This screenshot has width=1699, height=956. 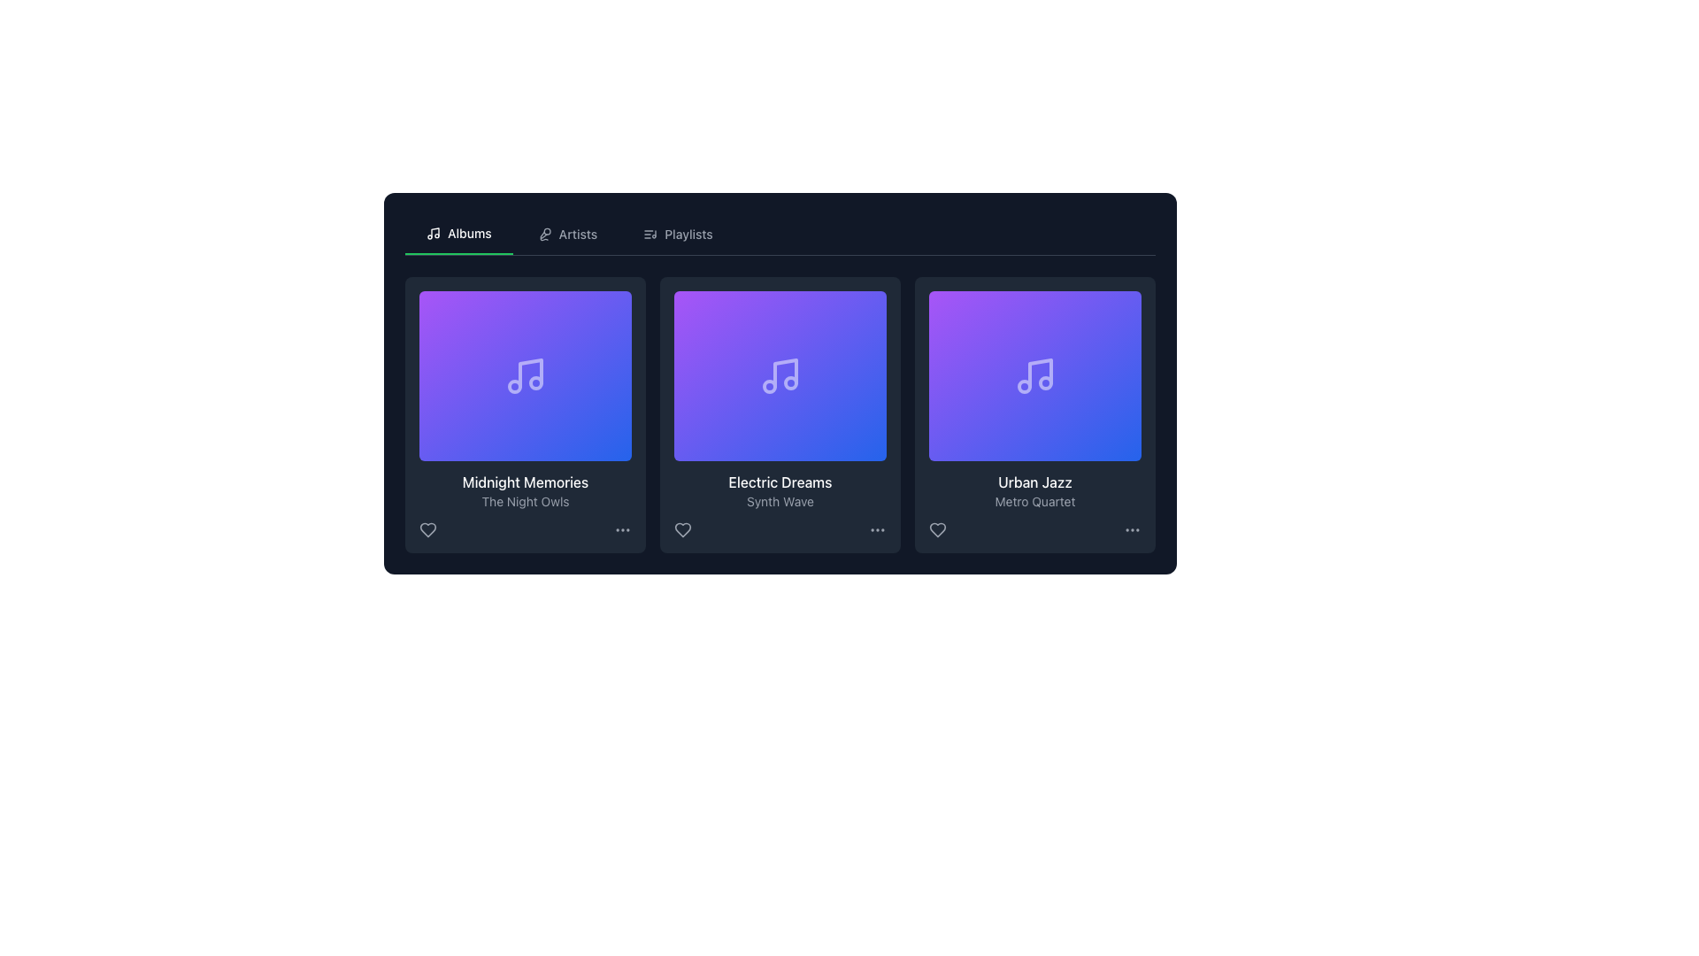 What do you see at coordinates (607, 436) in the screenshot?
I see `triangular play button icon, which is styled in white and located within a green circular button at the bottom-right corner of the 'Midnight Memories' card` at bounding box center [607, 436].